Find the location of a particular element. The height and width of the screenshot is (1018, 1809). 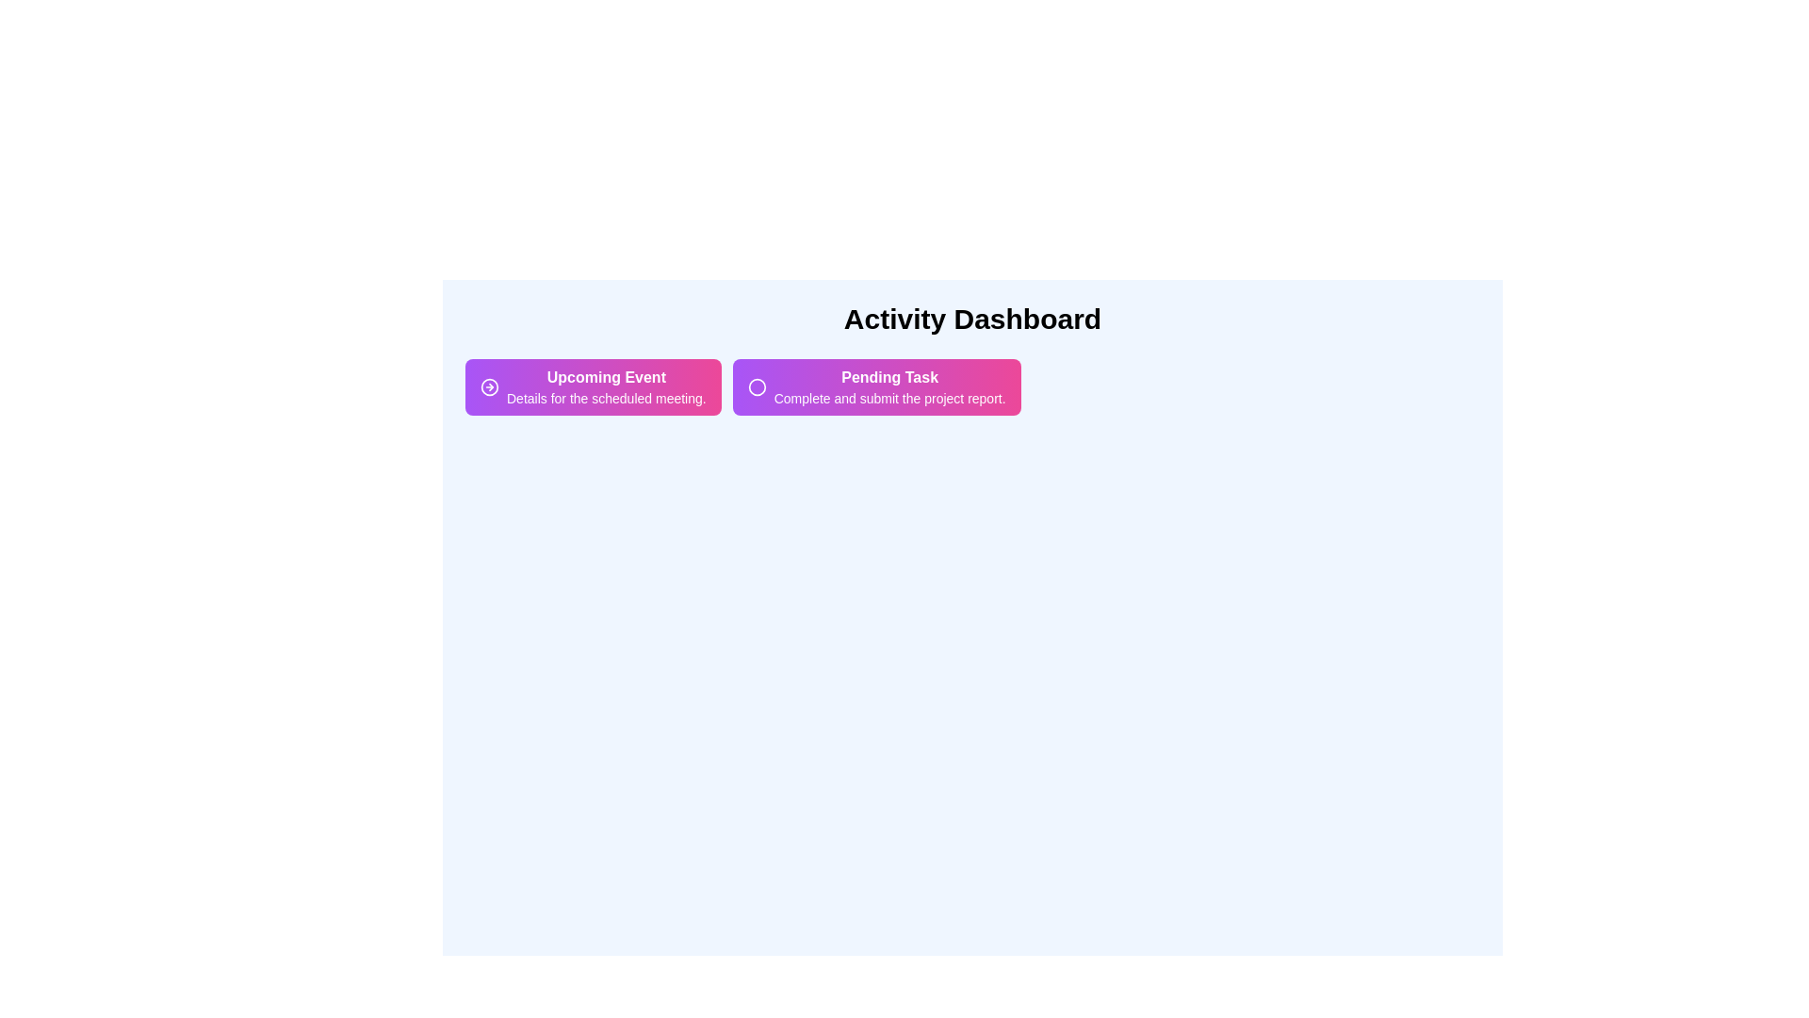

the activity chip labeled 'Pending Task' to trigger its visual feedback is located at coordinates (875, 386).